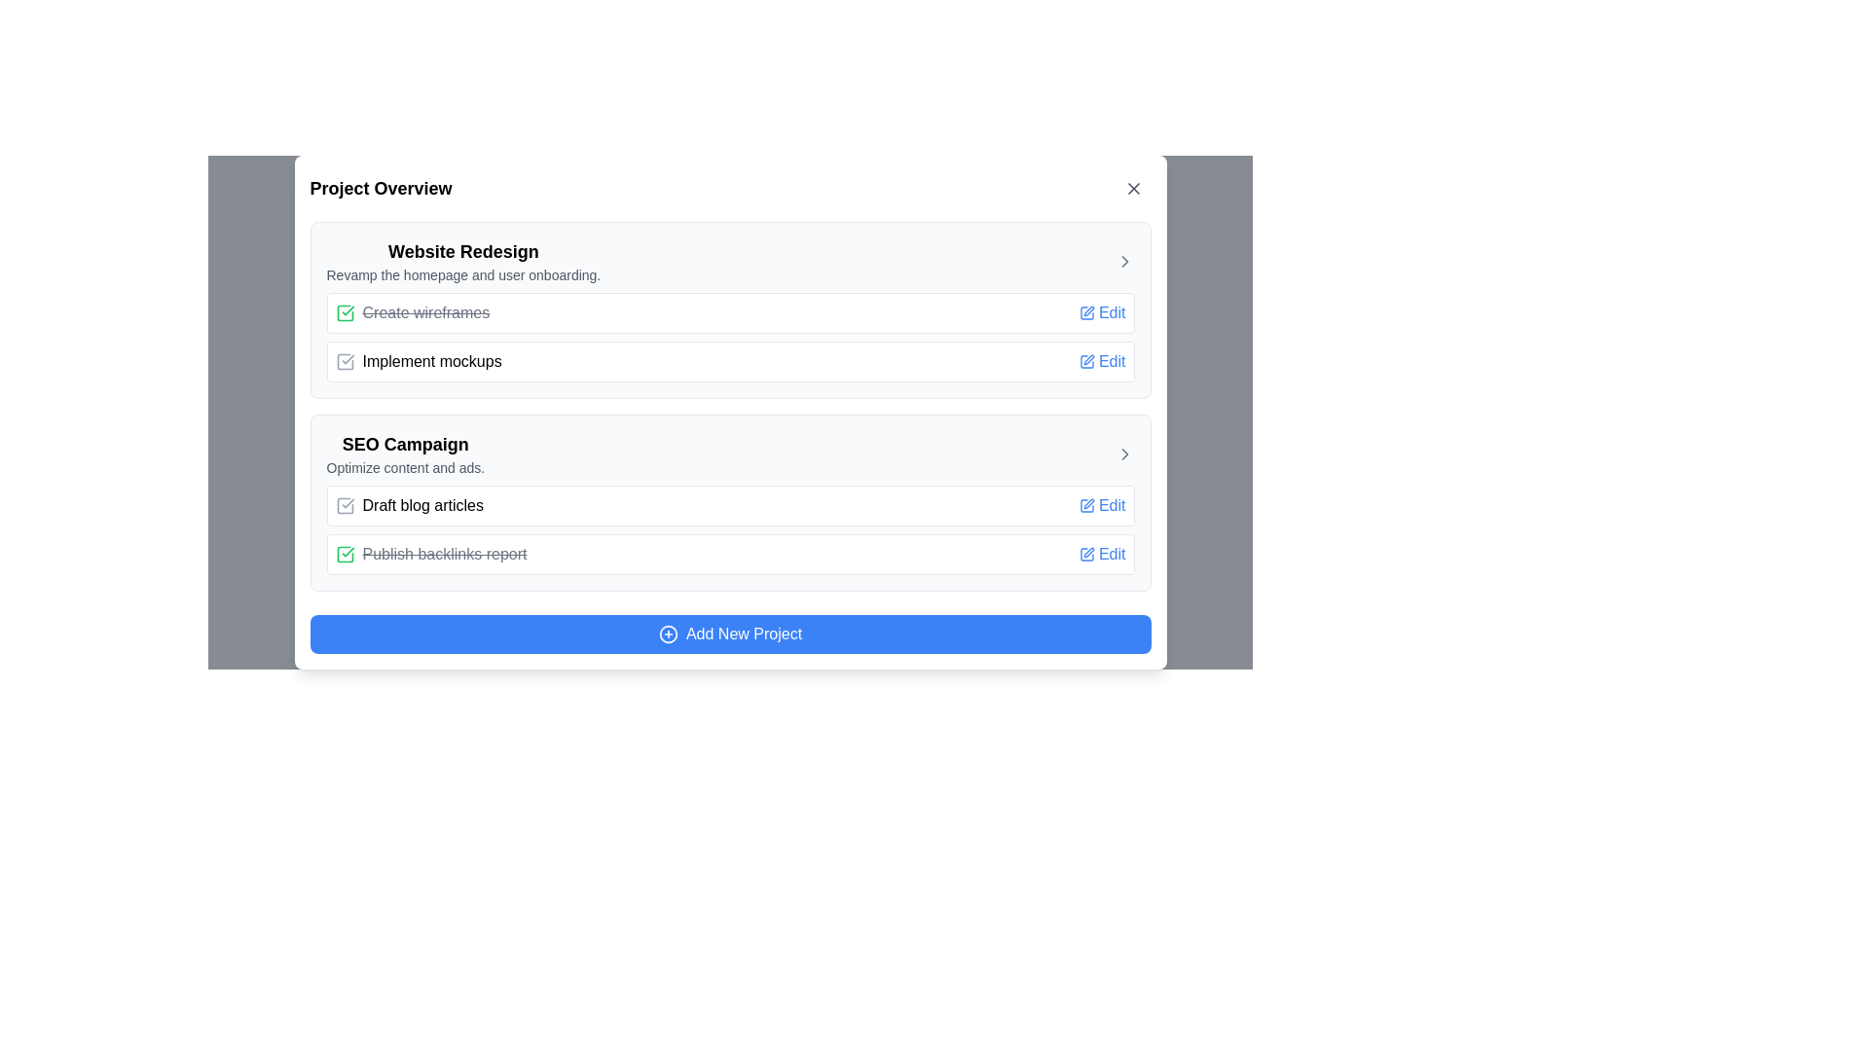 The image size is (1869, 1051). Describe the element at coordinates (729, 501) in the screenshot. I see `the Task summary section titled 'SEO Campaign'` at that location.